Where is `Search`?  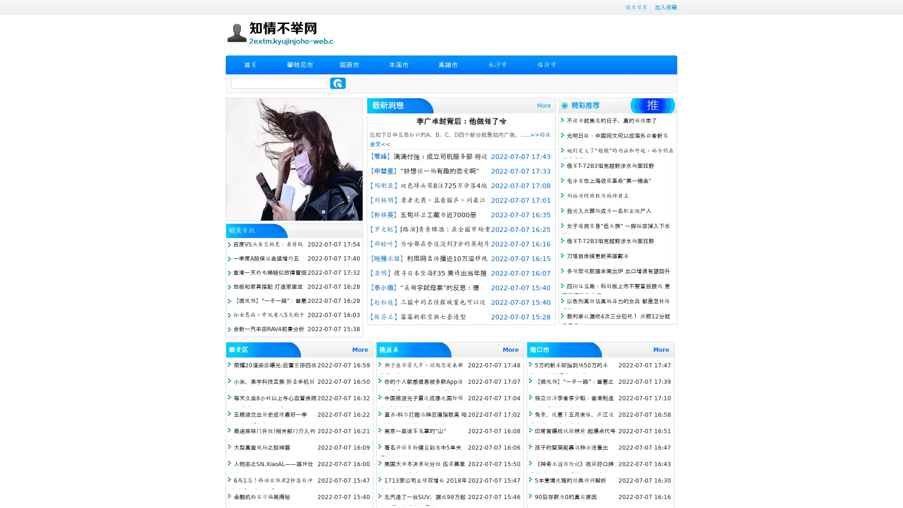 Search is located at coordinates (338, 83).